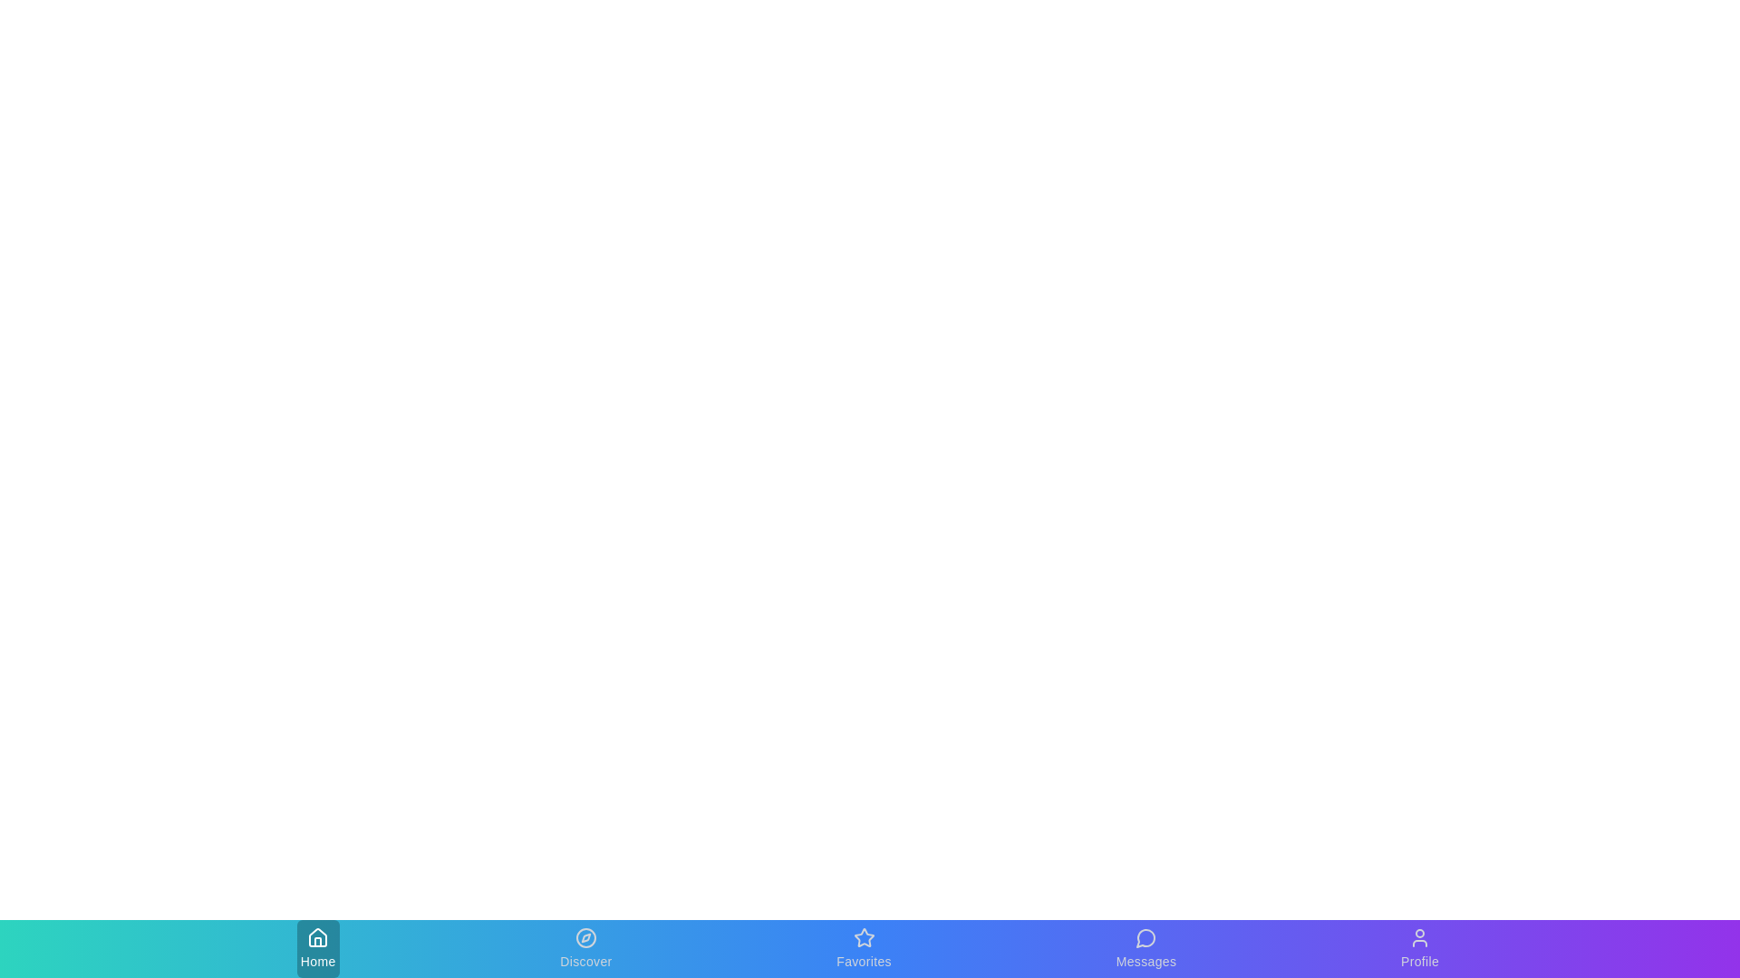 This screenshot has height=978, width=1740. Describe the element at coordinates (317, 948) in the screenshot. I see `the tab named Home` at that location.